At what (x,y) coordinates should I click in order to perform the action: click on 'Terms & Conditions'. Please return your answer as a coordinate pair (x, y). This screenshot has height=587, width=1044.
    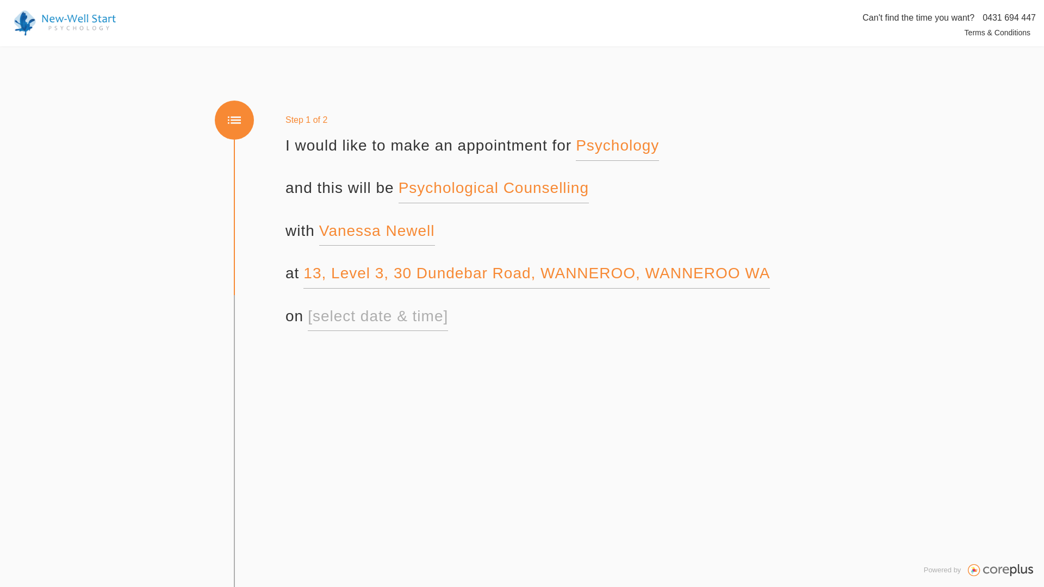
    Looking at the image, I should click on (997, 32).